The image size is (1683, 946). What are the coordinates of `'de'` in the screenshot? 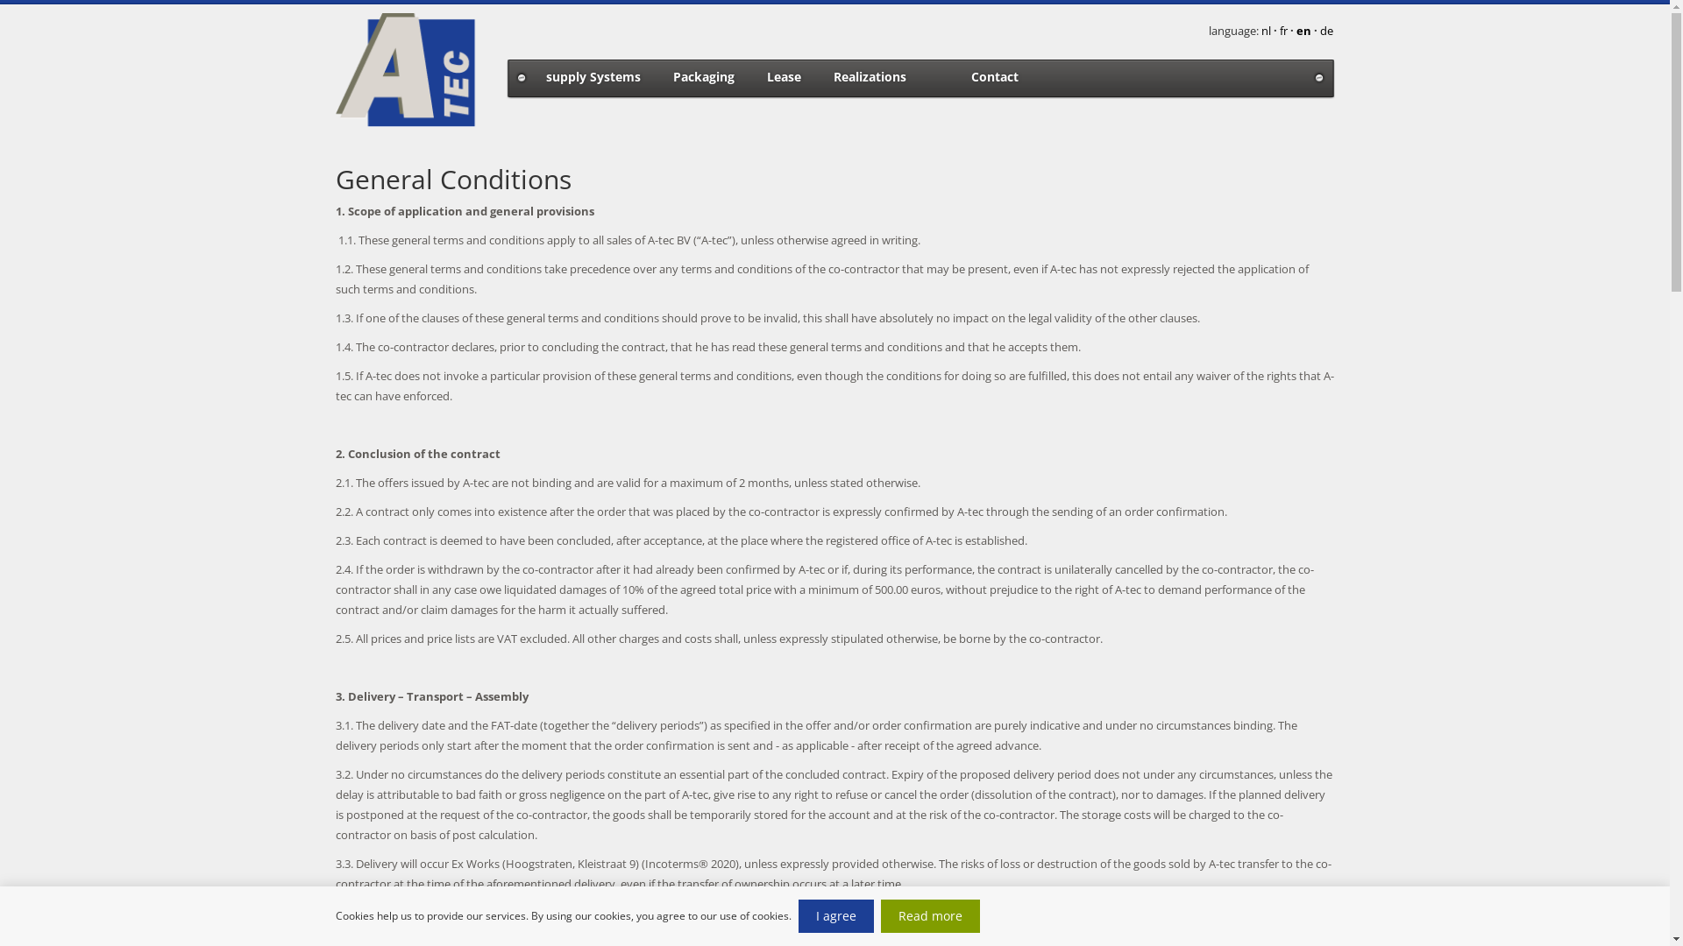 It's located at (1326, 30).